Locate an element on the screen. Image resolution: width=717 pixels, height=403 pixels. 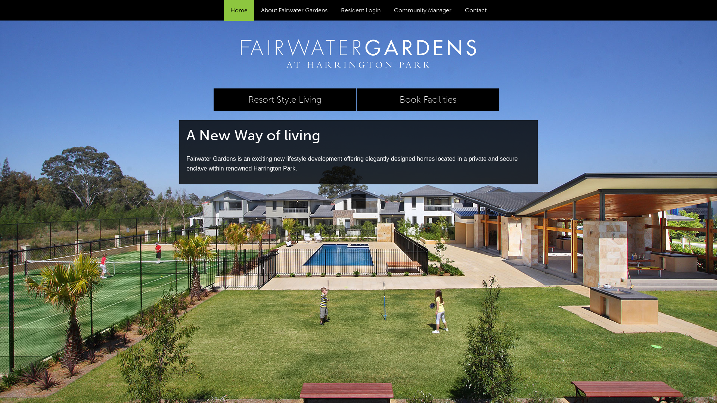
'Resident Login' is located at coordinates (360, 10).